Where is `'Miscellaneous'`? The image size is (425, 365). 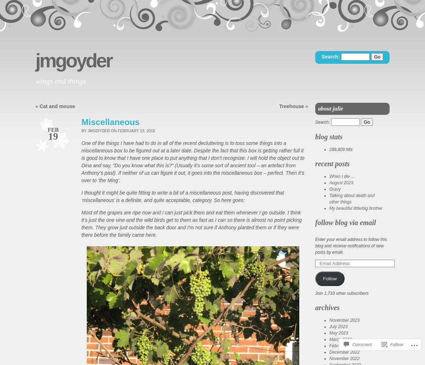
'Miscellaneous' is located at coordinates (110, 122).